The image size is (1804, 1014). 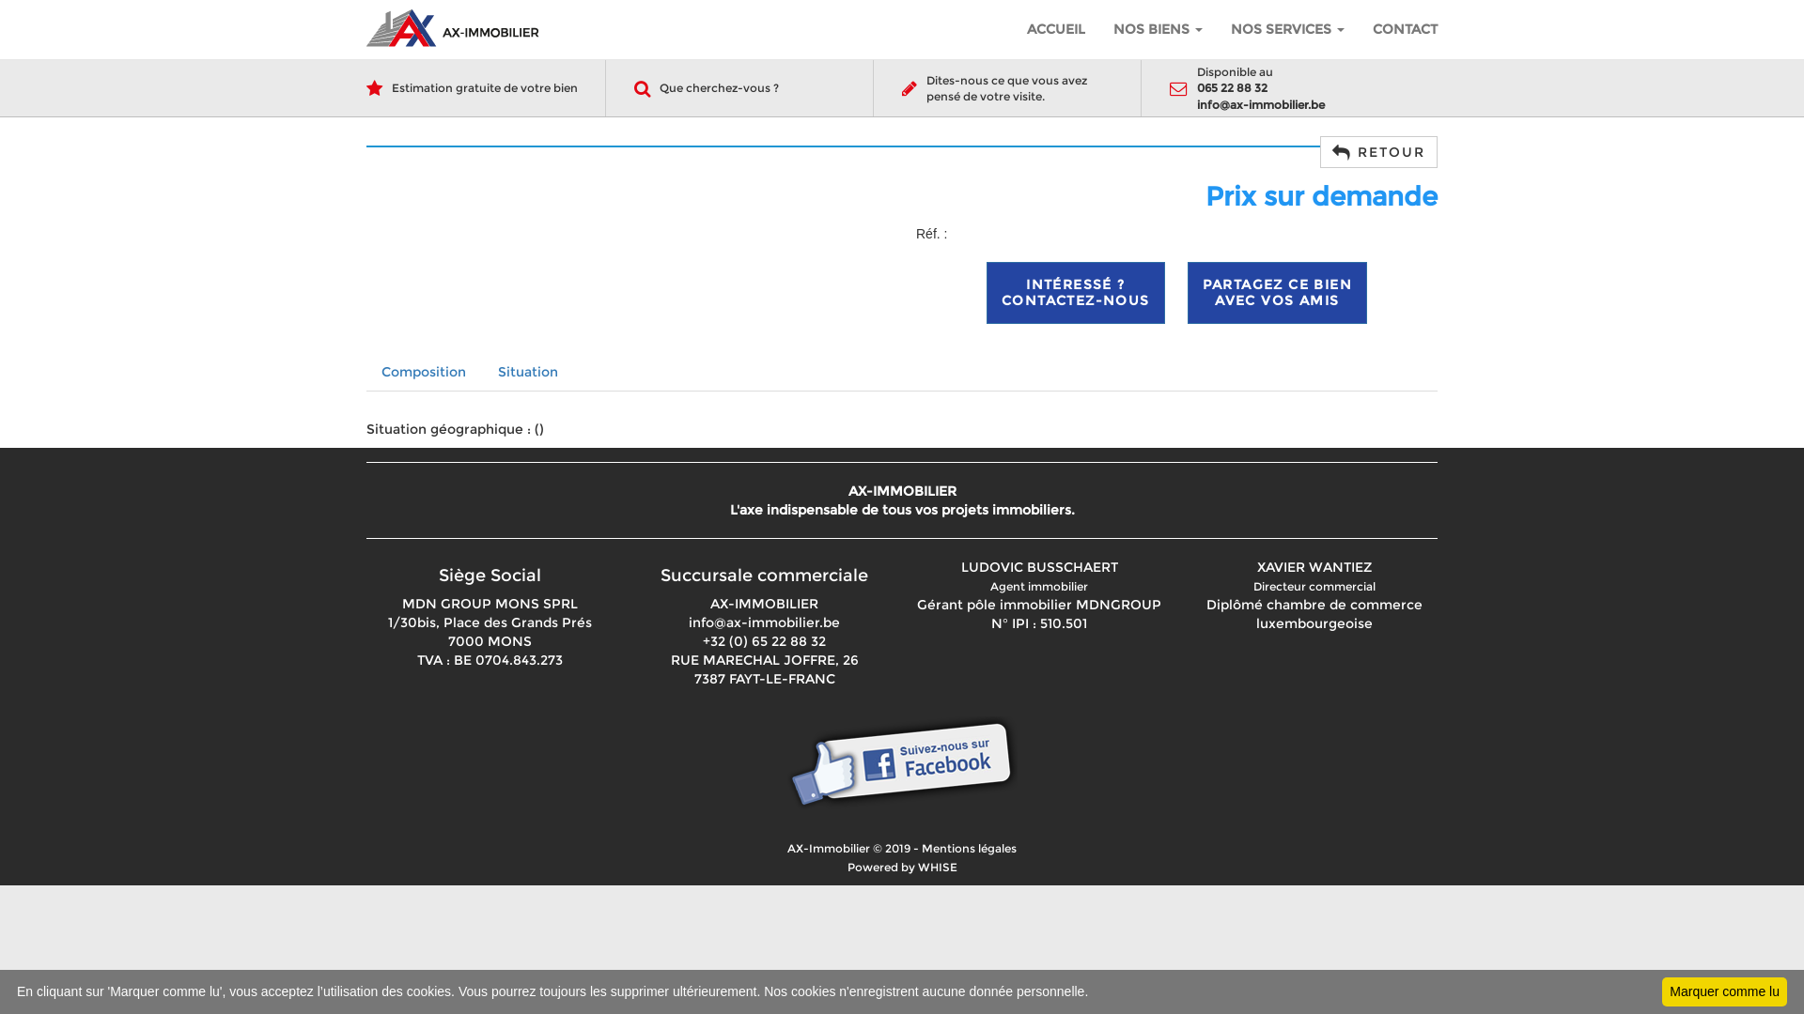 What do you see at coordinates (484, 87) in the screenshot?
I see `'Estimation gratuite de votre bien'` at bounding box center [484, 87].